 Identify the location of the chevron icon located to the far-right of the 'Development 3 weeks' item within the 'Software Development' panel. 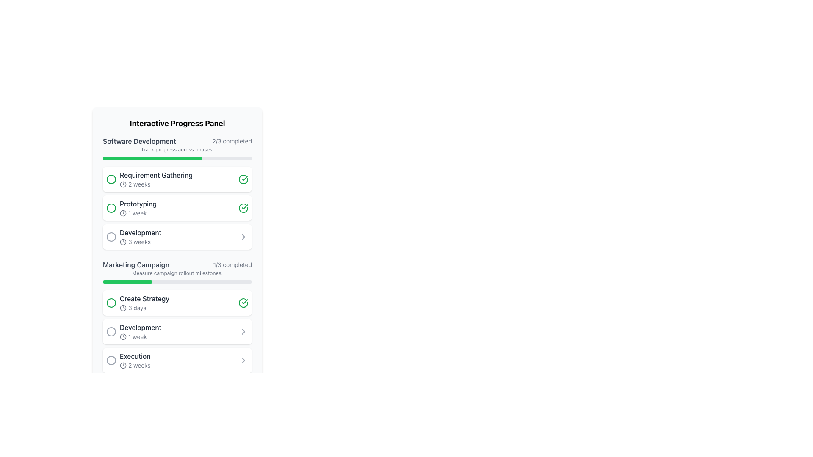
(243, 237).